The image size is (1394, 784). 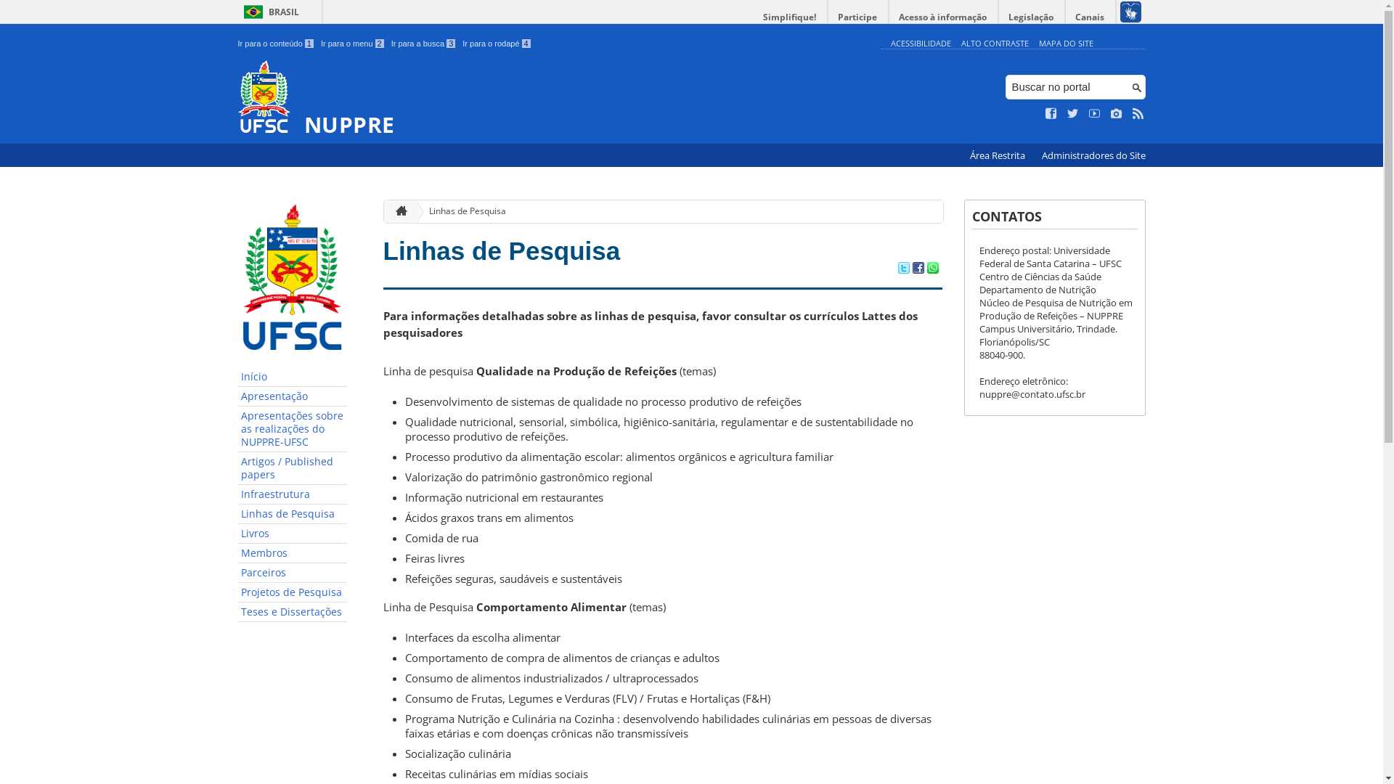 What do you see at coordinates (919, 42) in the screenshot?
I see `'ACESSIBILIDADE'` at bounding box center [919, 42].